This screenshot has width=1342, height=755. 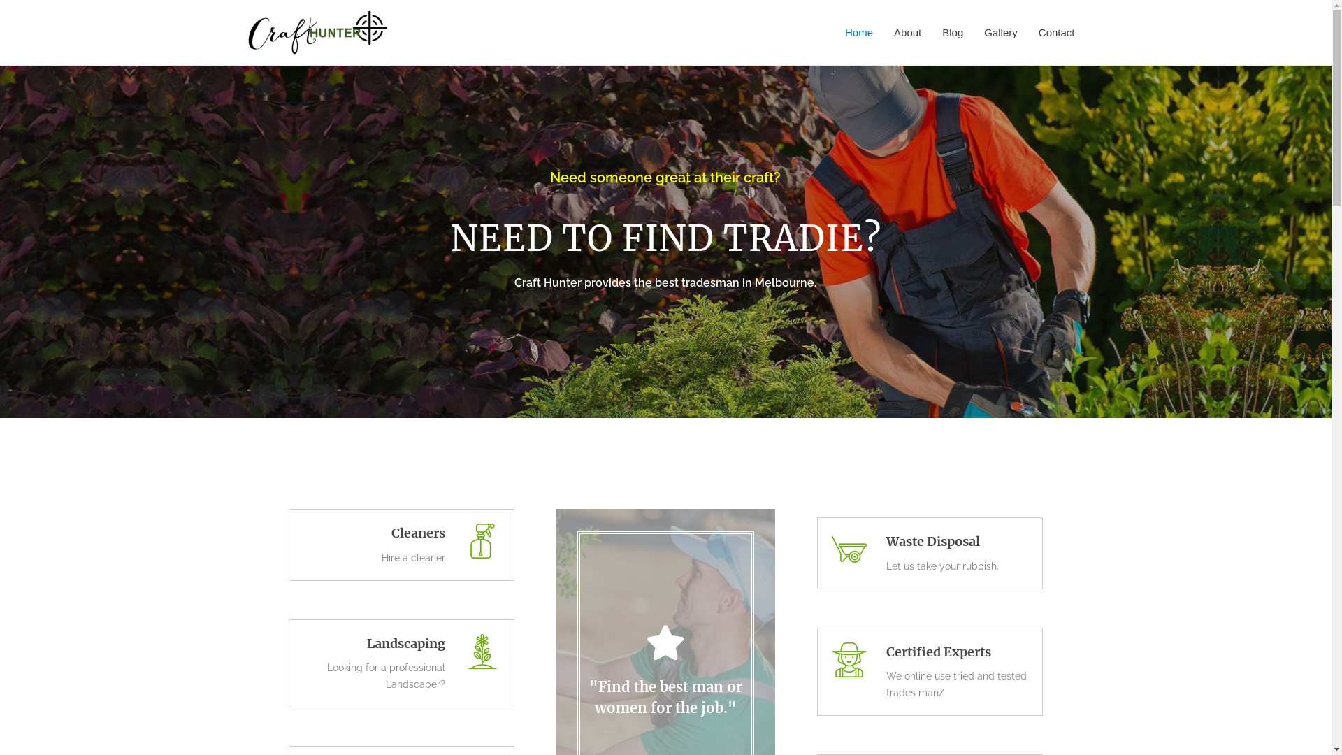 I want to click on 'Need someone great at their craft?', so click(x=664, y=177).